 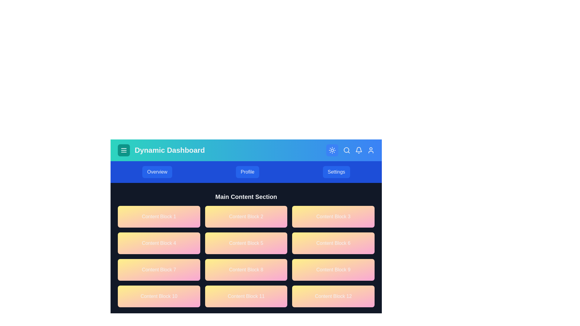 I want to click on the Settings button in the navbar, so click(x=336, y=172).